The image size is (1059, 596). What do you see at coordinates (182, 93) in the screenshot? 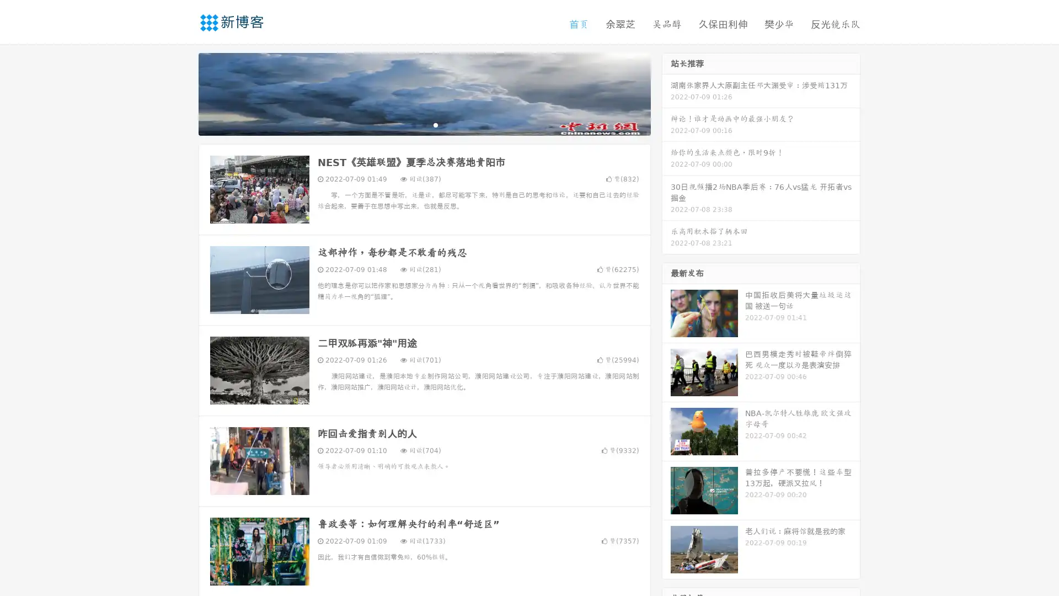
I see `Previous slide` at bounding box center [182, 93].